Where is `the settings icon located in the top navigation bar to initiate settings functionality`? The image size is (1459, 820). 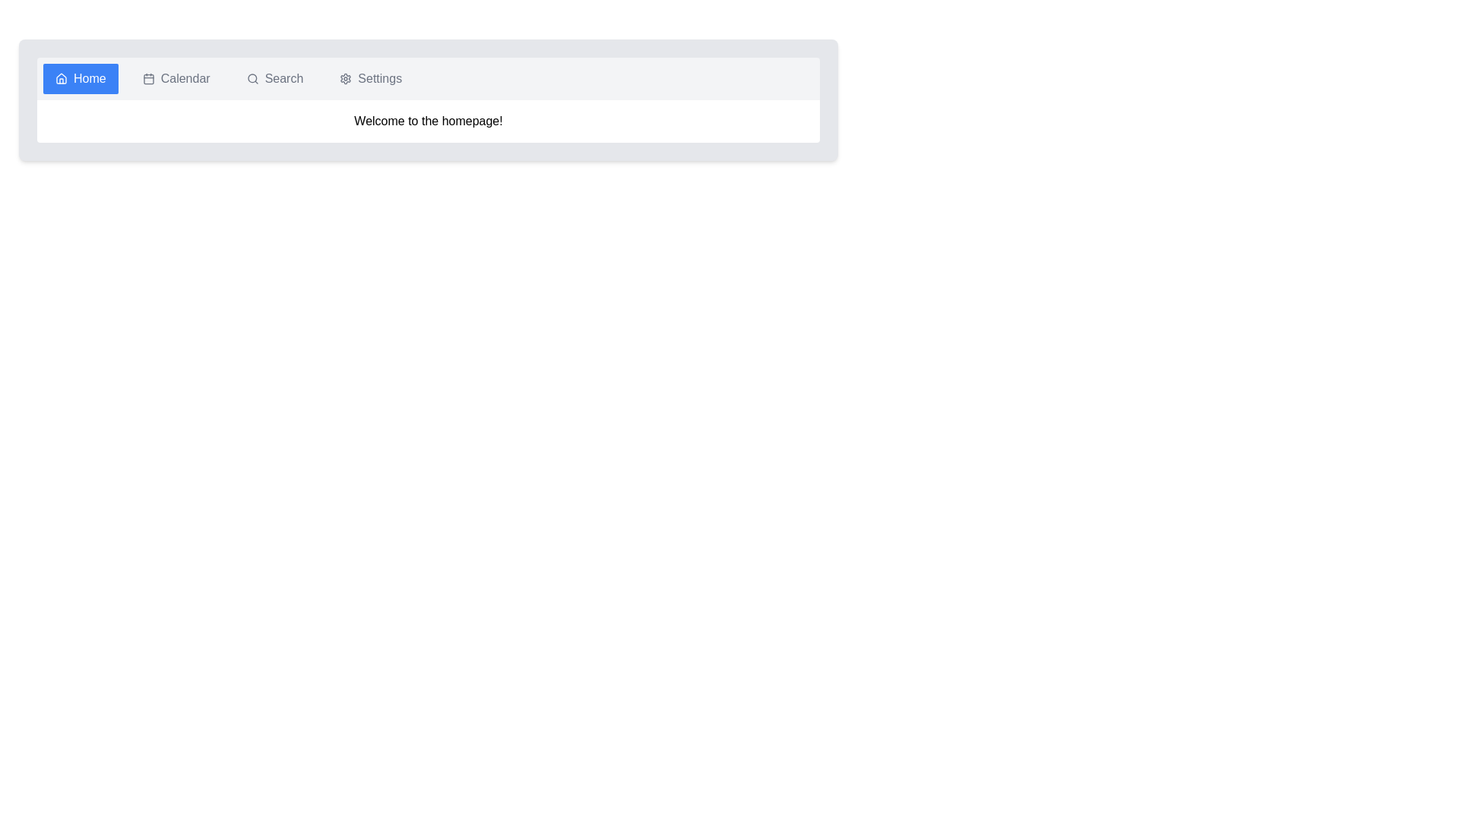
the settings icon located in the top navigation bar to initiate settings functionality is located at coordinates (345, 79).